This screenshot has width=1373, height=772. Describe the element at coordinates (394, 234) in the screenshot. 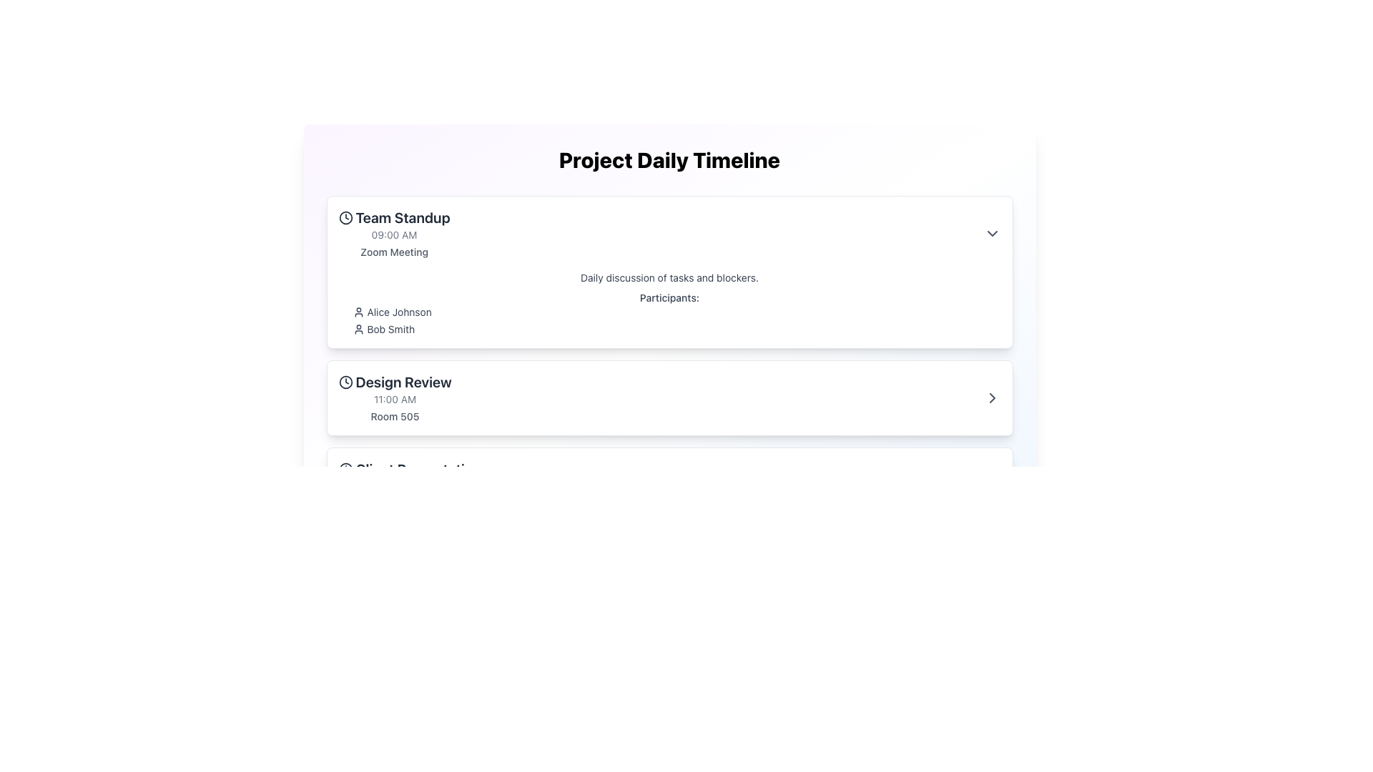

I see `the text label displaying '09:00 AM', which is located beneath the 'Team Standup' title and above the 'Zoom Meeting' text within the card` at that location.